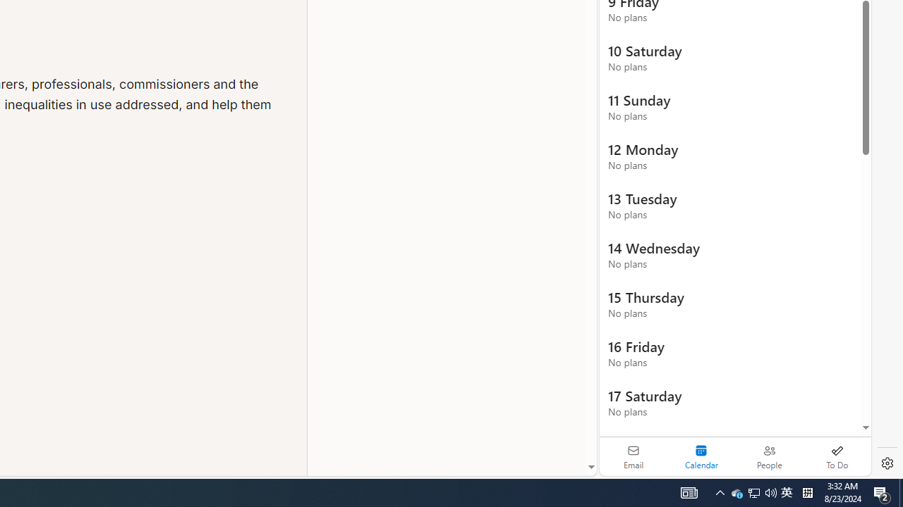 This screenshot has height=507, width=903. What do you see at coordinates (633, 456) in the screenshot?
I see `'Email'` at bounding box center [633, 456].